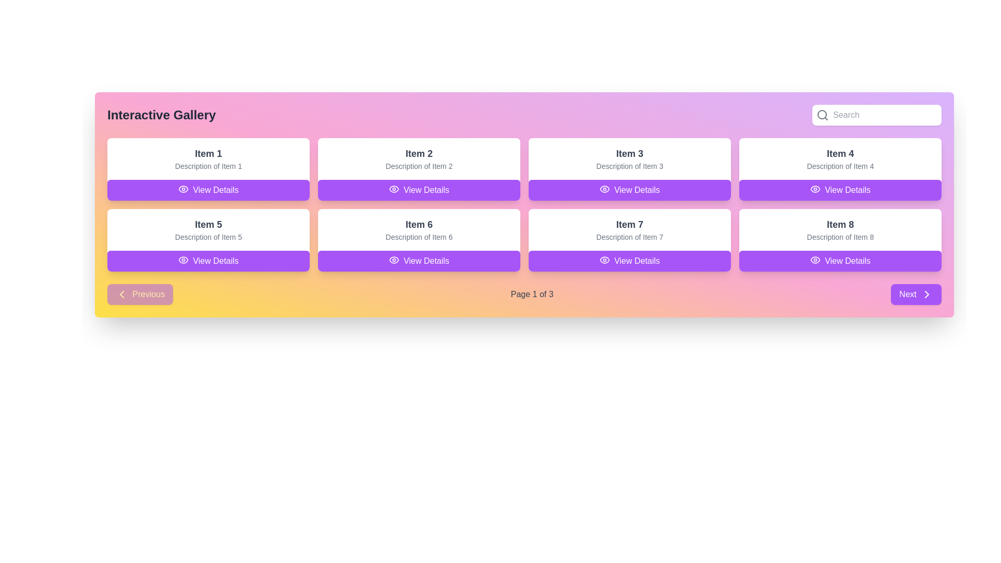 This screenshot has height=563, width=1001. I want to click on the Text Label that serves as the title or identifier for the second card in the first row of the grid layout, located at the top center of the interface, so click(419, 153).